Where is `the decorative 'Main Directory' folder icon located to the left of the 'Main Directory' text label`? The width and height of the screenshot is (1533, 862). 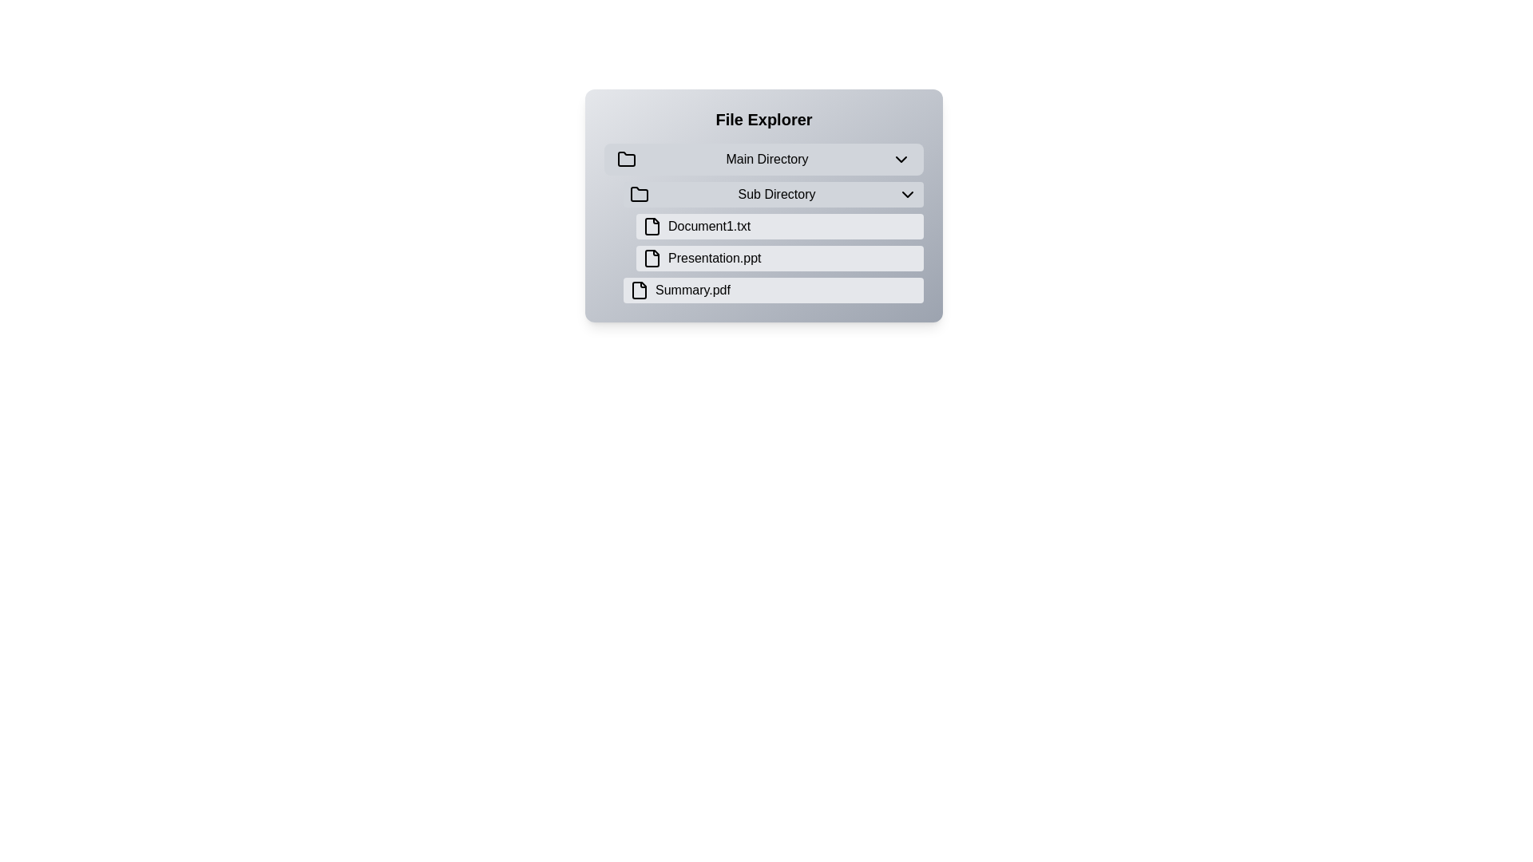
the decorative 'Main Directory' folder icon located to the left of the 'Main Directory' text label is located at coordinates (626, 160).